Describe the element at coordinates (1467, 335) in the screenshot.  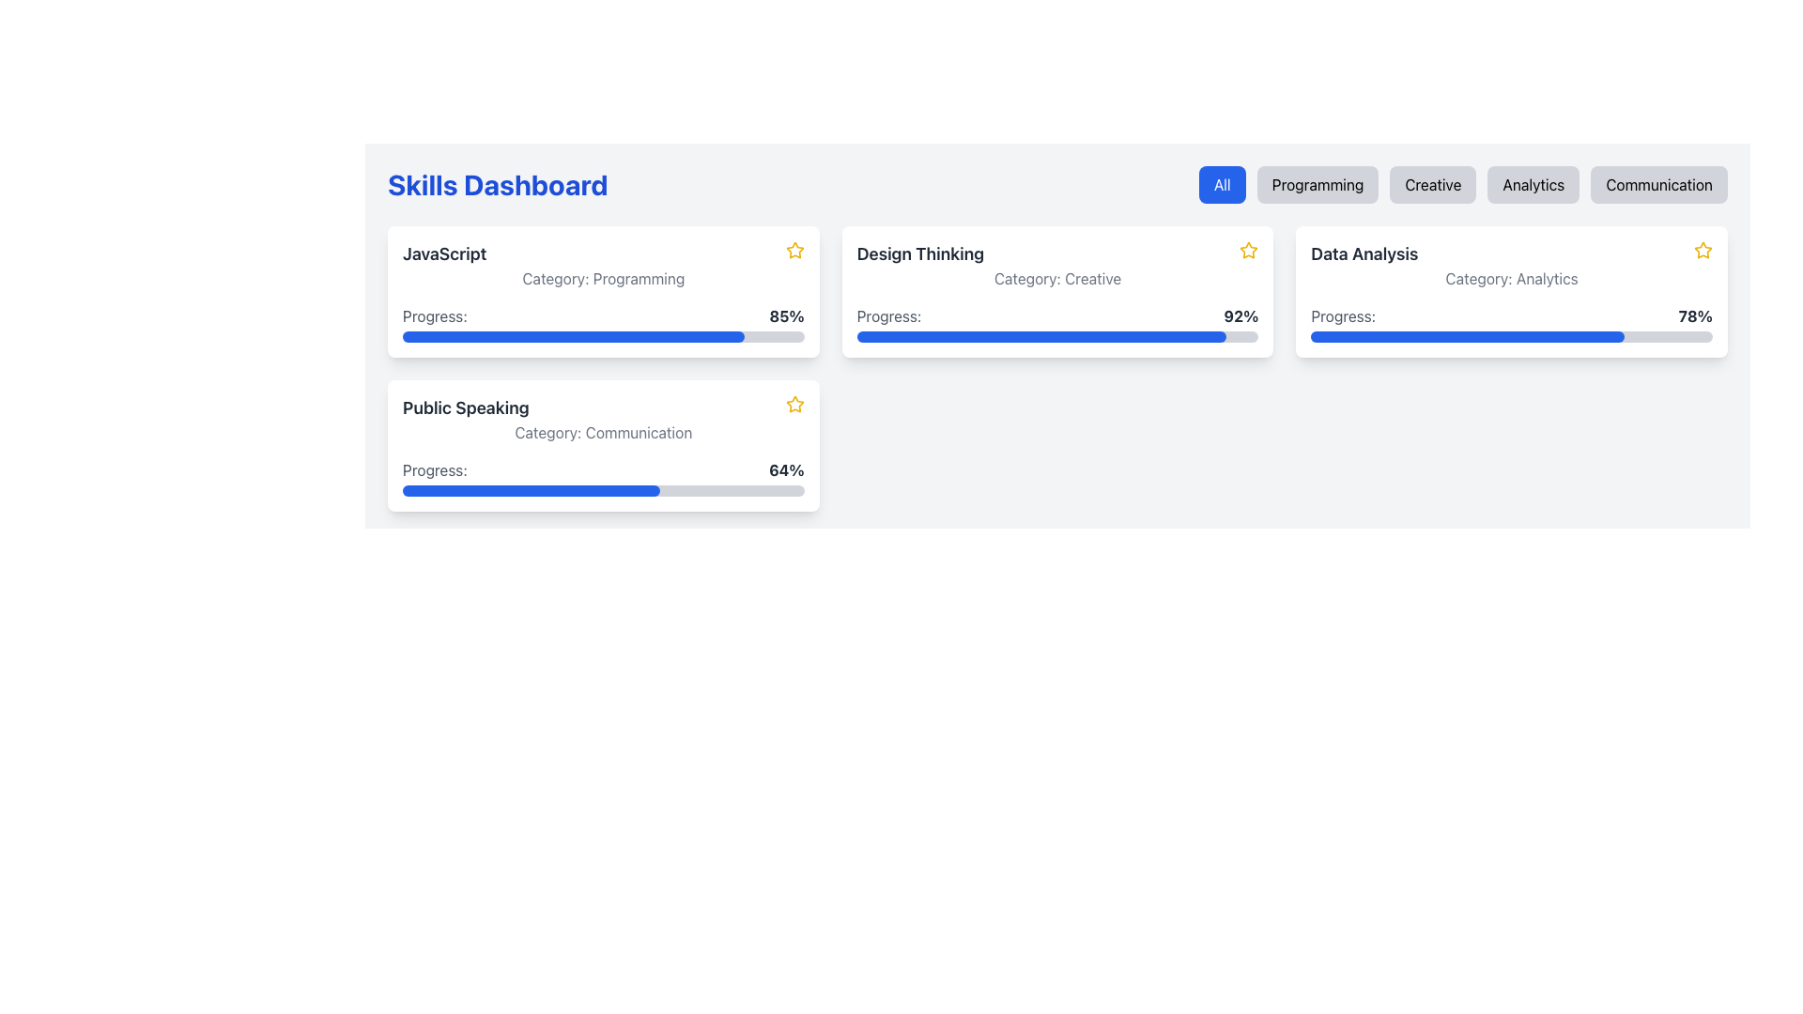
I see `the filled portion of the progress bar that indicates 78% progress for the 'Data Analysis' skill` at that location.